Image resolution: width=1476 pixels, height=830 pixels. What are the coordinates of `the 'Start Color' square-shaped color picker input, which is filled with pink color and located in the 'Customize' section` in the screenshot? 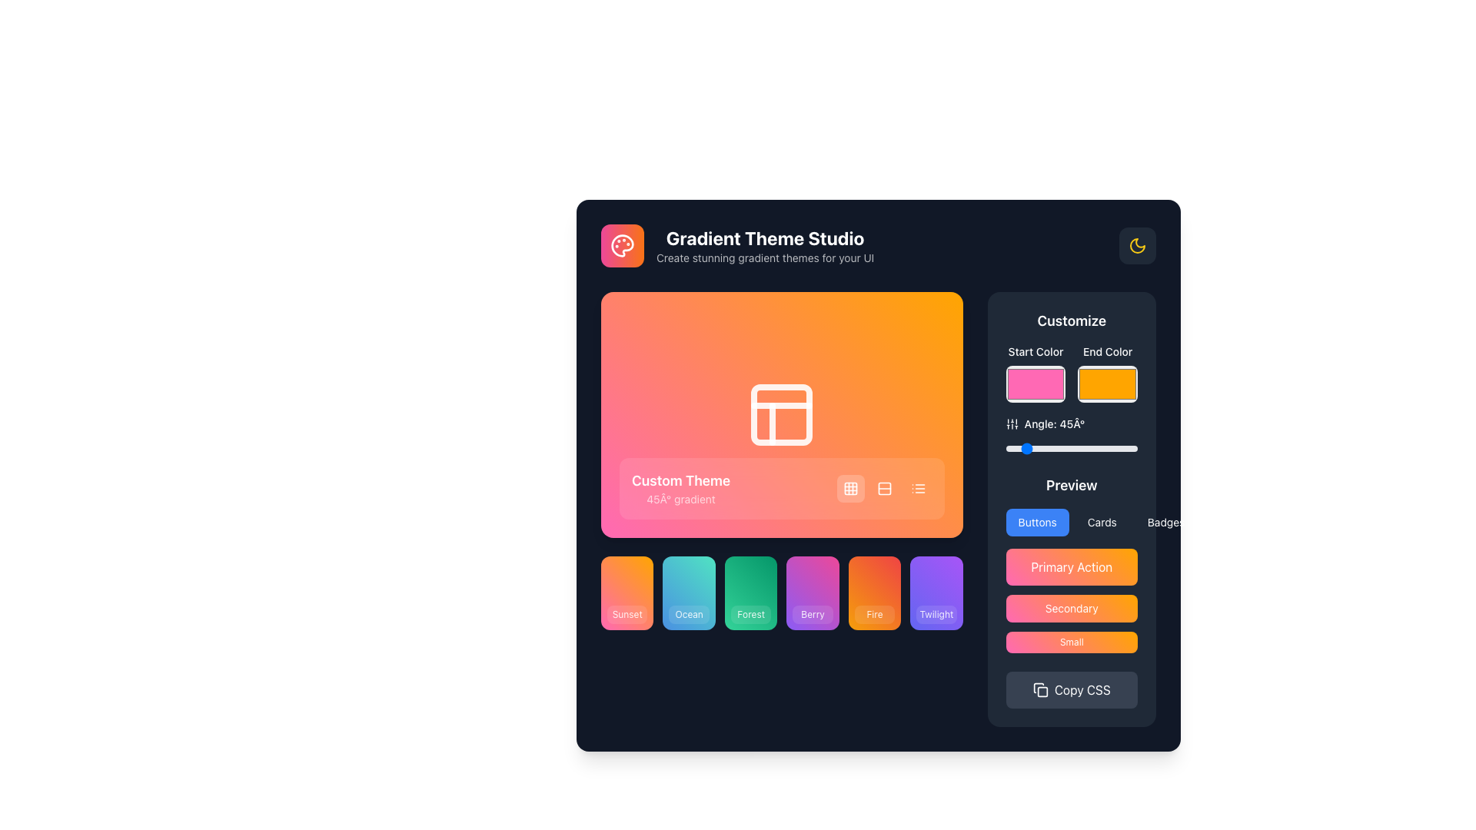 It's located at (1036, 373).